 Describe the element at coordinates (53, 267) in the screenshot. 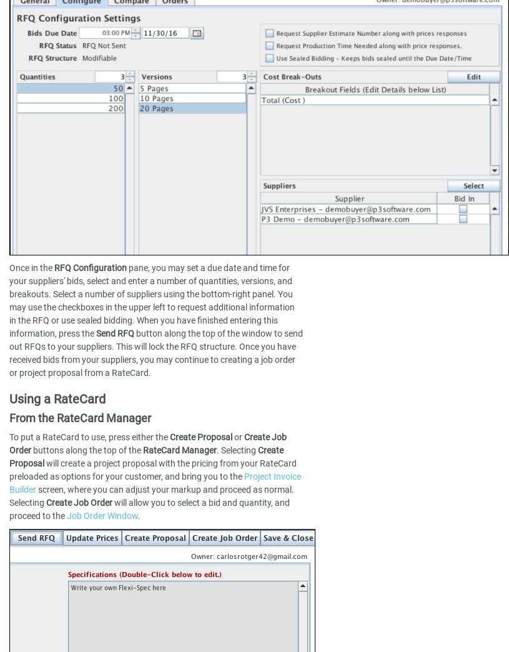

I see `'RFQ Configuration'` at that location.